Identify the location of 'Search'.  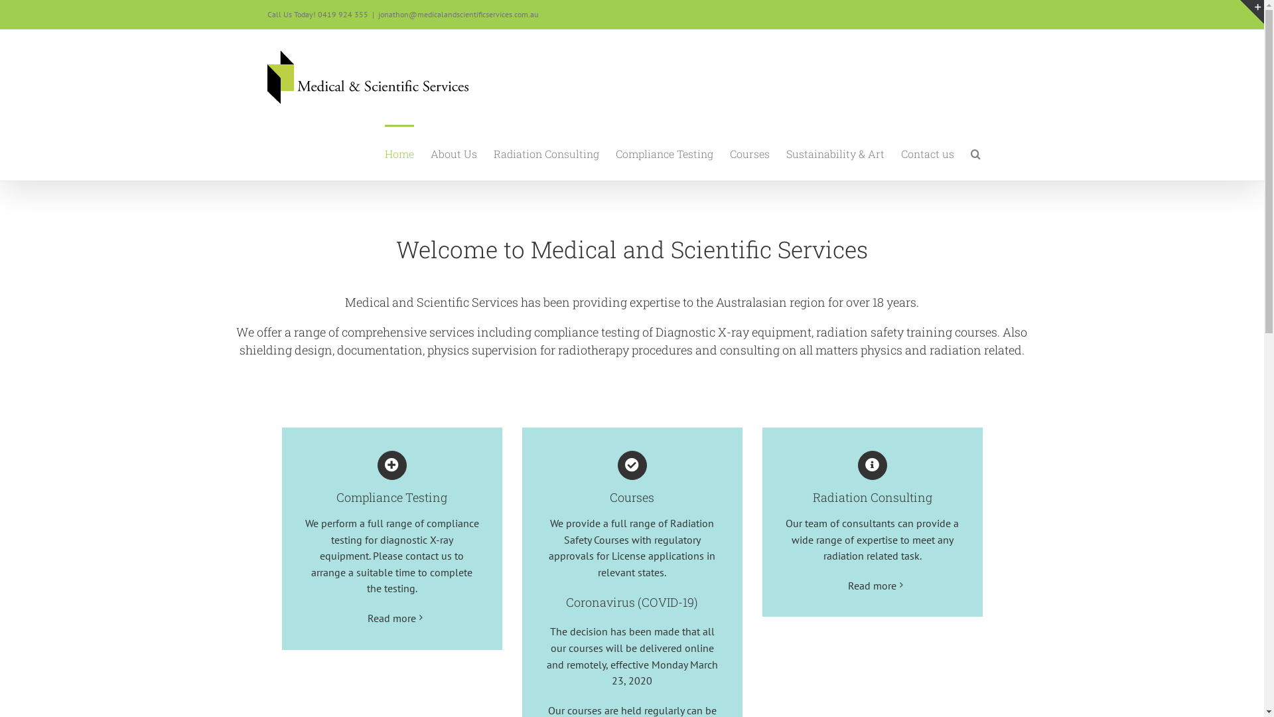
(970, 152).